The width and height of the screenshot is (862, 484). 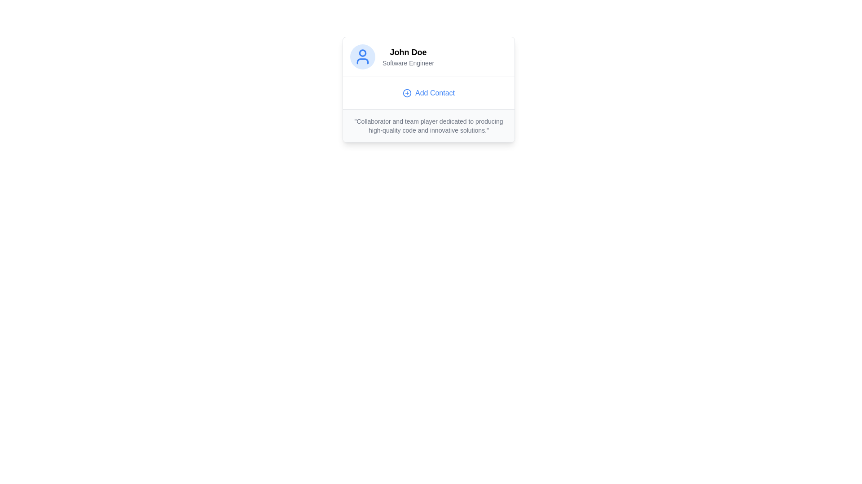 I want to click on the 'Add Contact' button styled in blue font within John Doe's profile card, so click(x=428, y=93).